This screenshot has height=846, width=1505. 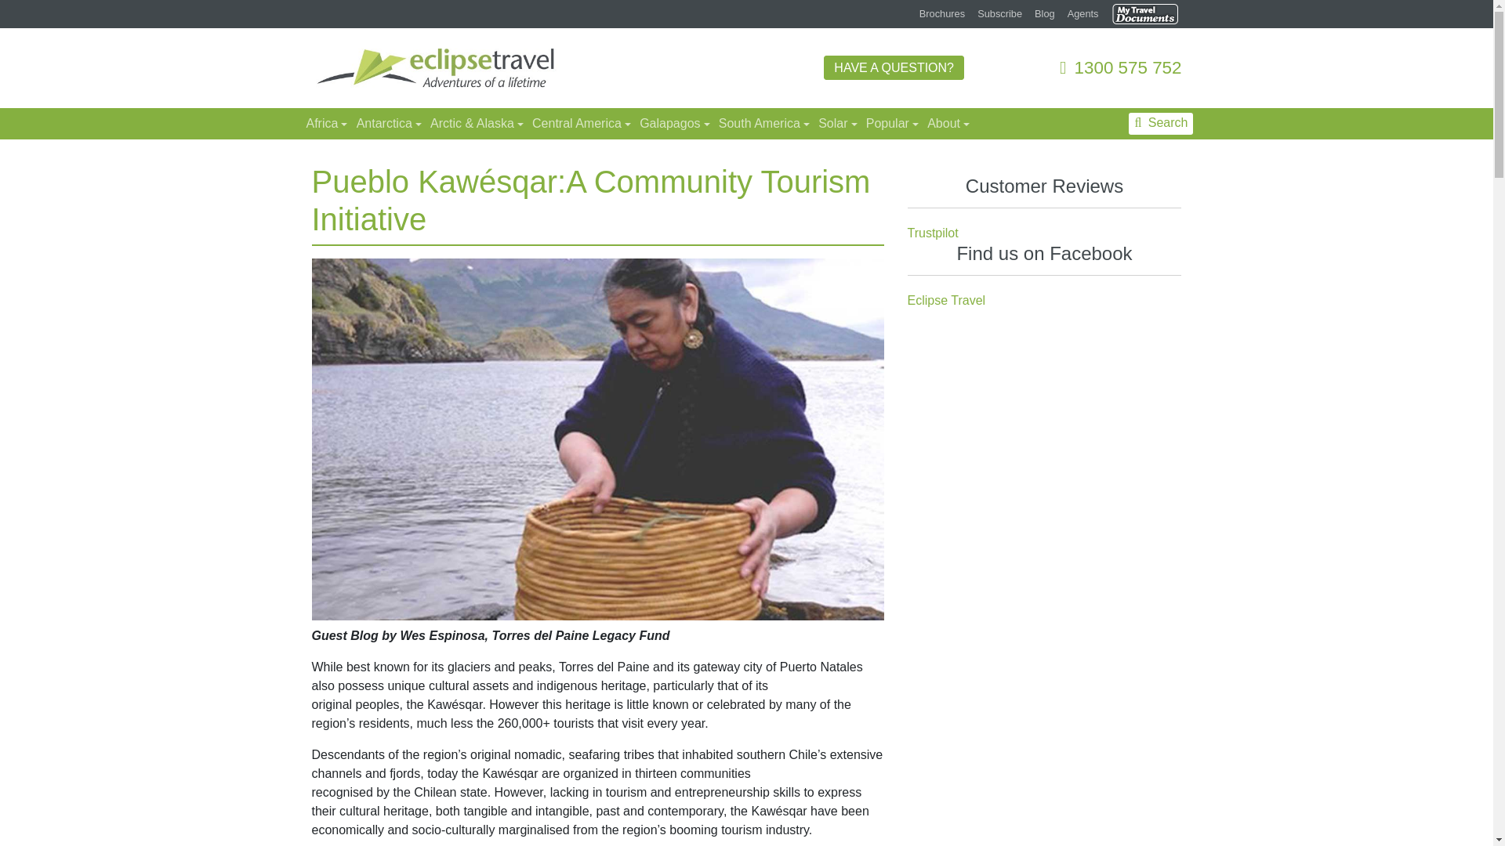 What do you see at coordinates (387, 123) in the screenshot?
I see `'Antarctica'` at bounding box center [387, 123].